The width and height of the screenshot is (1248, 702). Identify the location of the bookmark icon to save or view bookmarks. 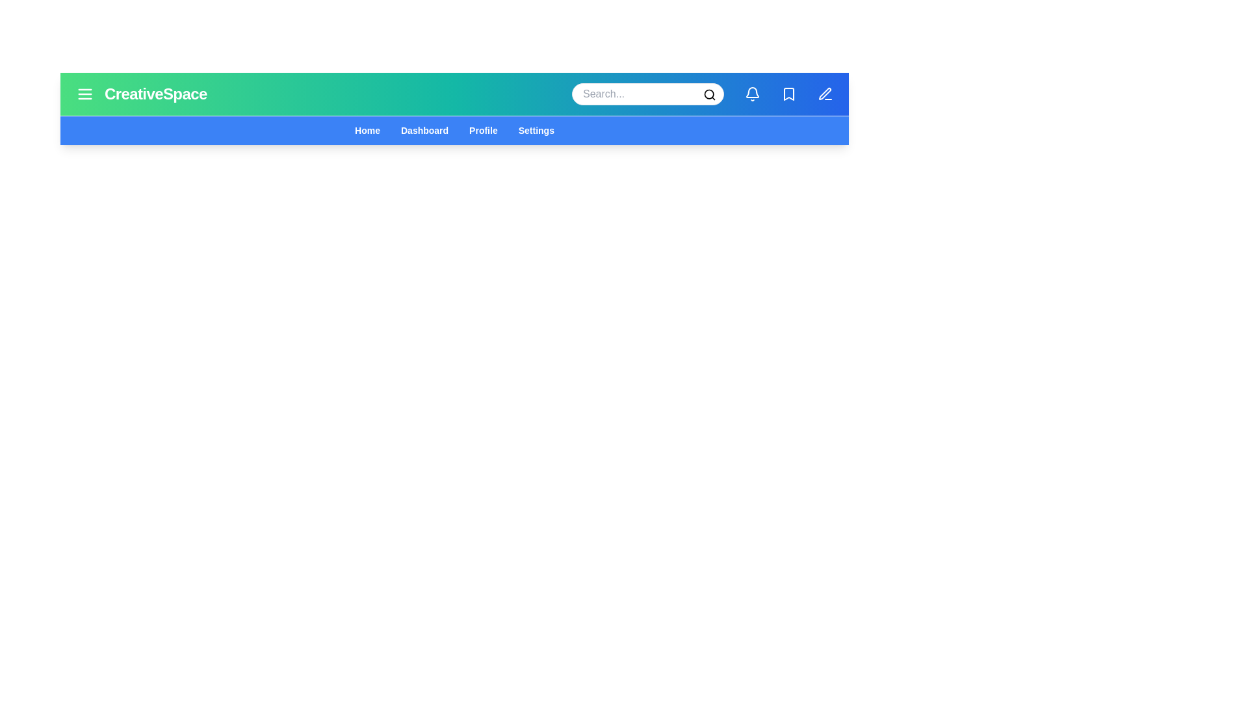
(788, 94).